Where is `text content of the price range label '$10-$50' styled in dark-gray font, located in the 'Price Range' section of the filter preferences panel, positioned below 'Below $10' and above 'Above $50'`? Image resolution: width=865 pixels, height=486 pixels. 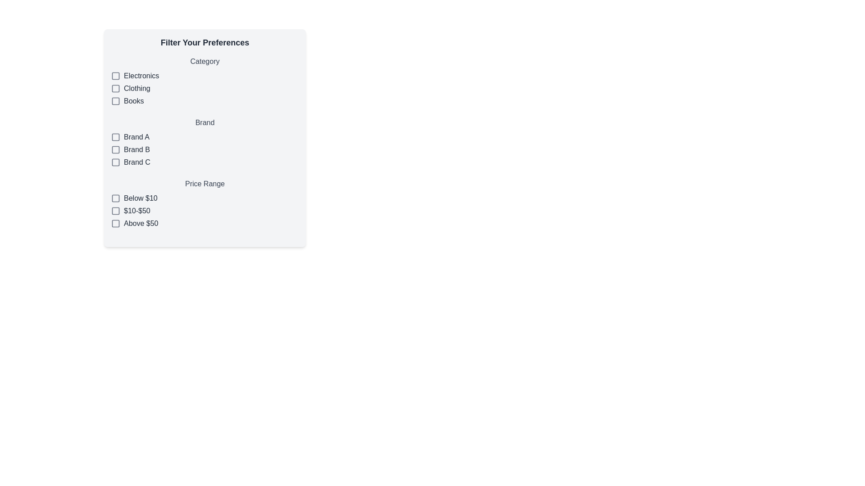 text content of the price range label '$10-$50' styled in dark-gray font, located in the 'Price Range' section of the filter preferences panel, positioned below 'Below $10' and above 'Above $50' is located at coordinates (137, 211).